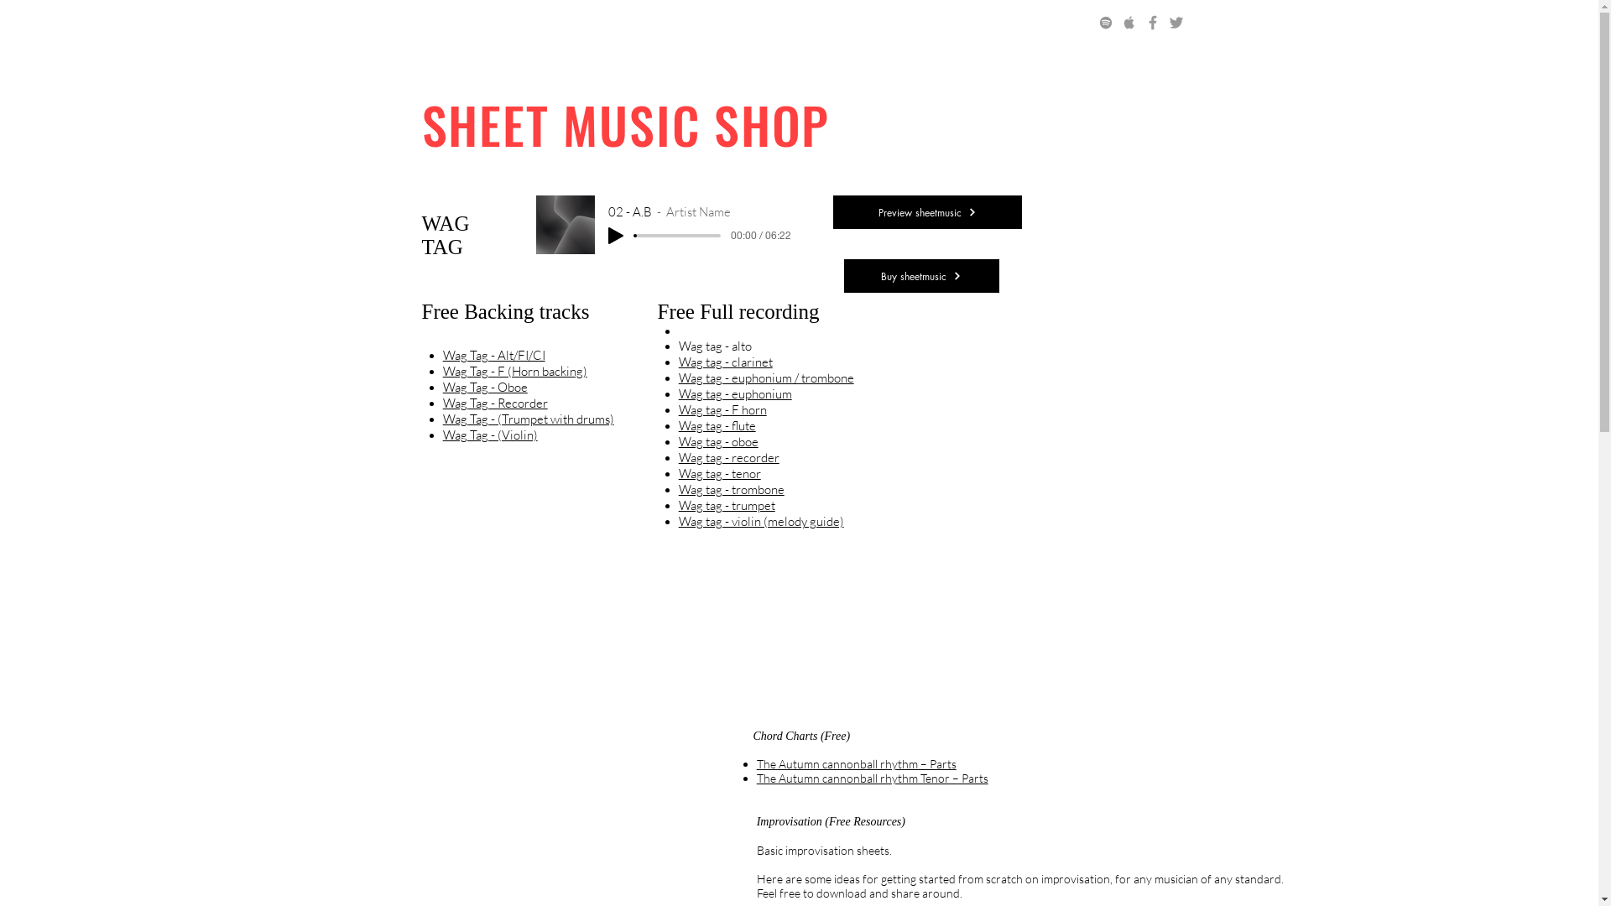 This screenshot has height=906, width=1611. I want to click on 'Wag Tag - (Trumpet with drums)', so click(527, 418).